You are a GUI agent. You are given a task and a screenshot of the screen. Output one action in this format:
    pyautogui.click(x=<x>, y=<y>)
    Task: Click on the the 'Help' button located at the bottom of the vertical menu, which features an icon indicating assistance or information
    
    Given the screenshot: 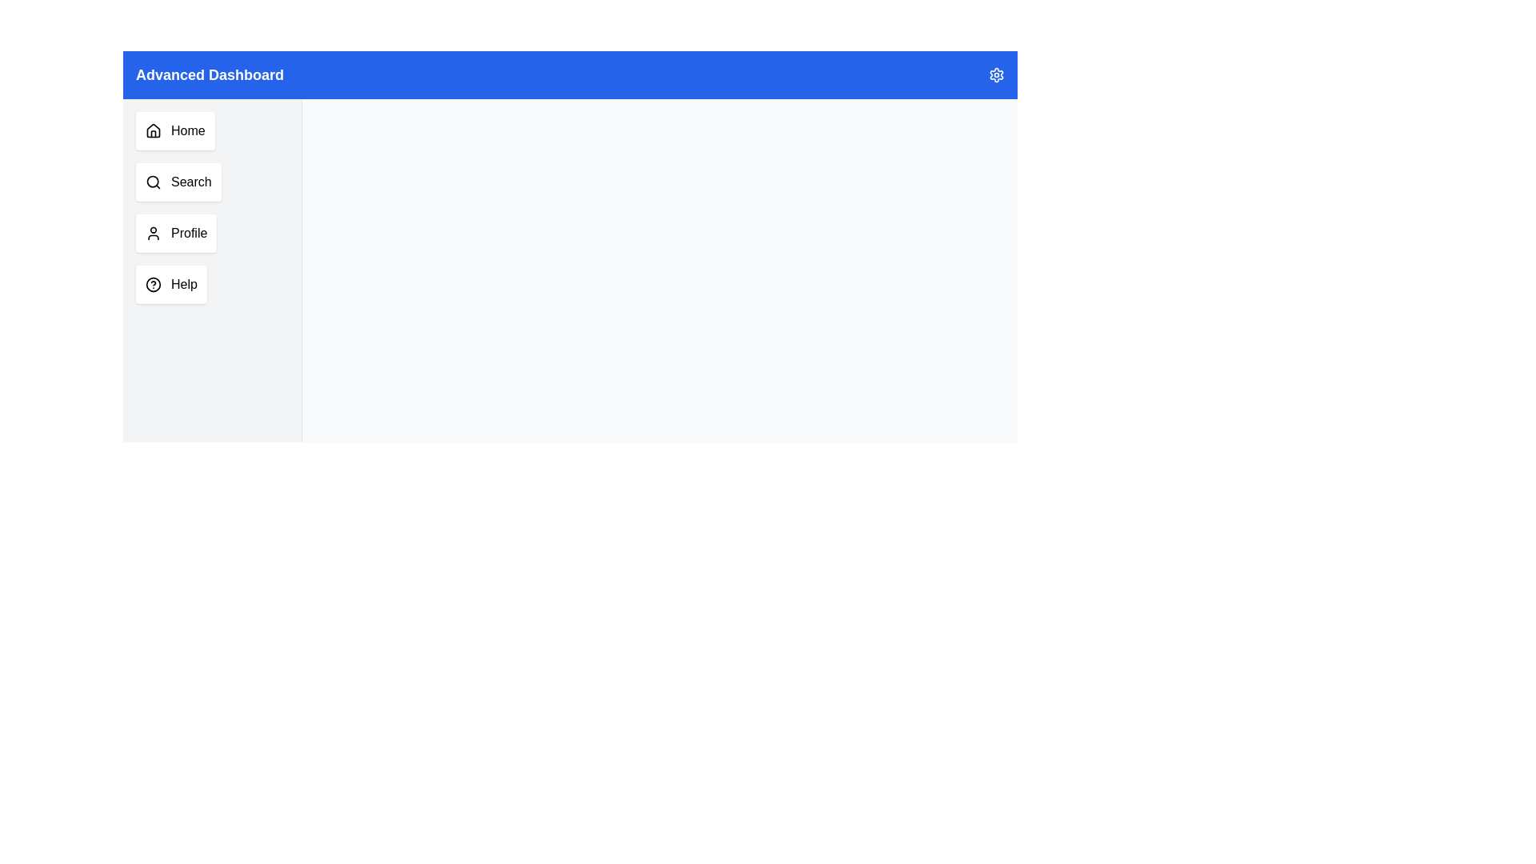 What is the action you would take?
    pyautogui.click(x=154, y=283)
    